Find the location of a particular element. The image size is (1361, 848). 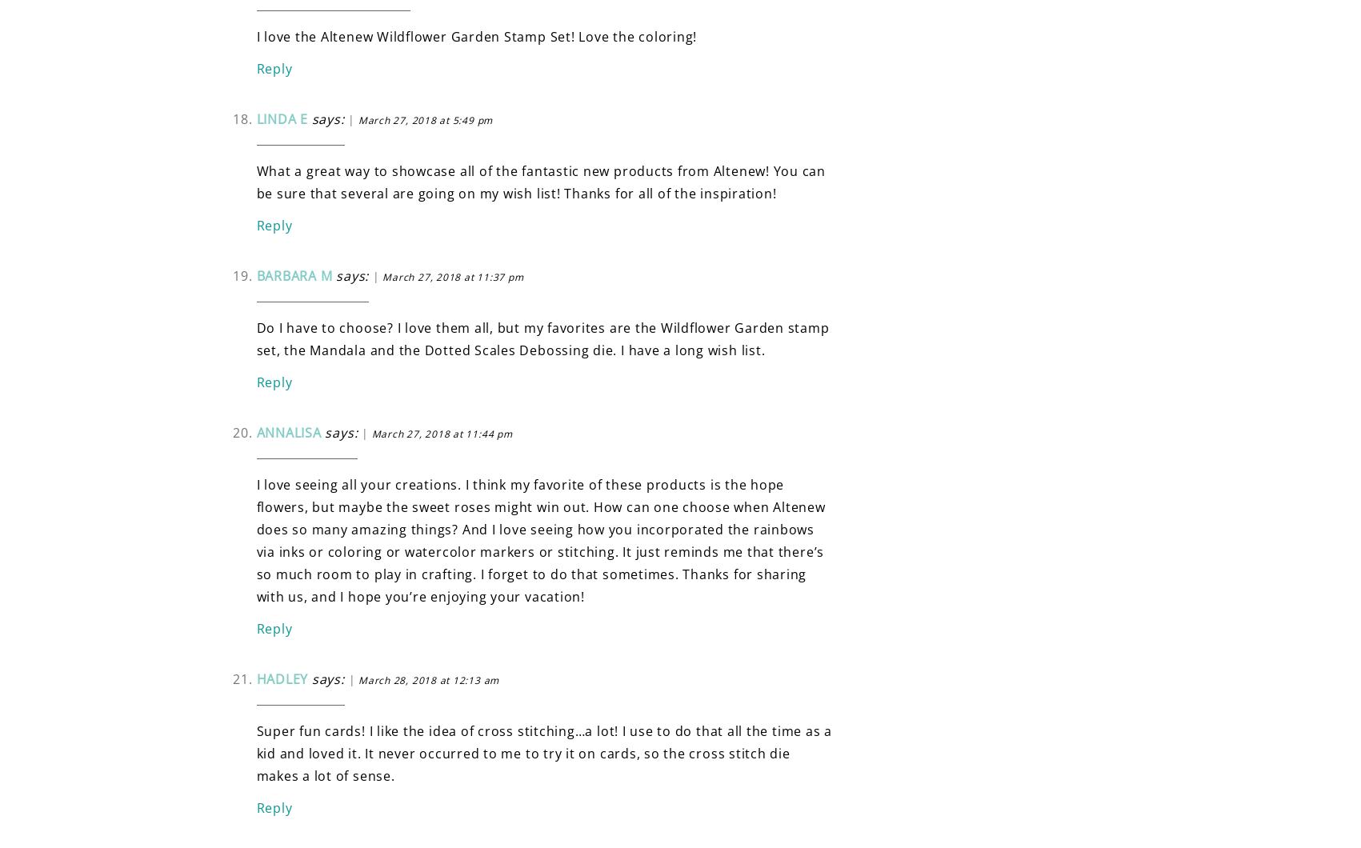

'I love the  Altenew Wildflower Garden Stamp Set! Love the coloring!' is located at coordinates (476, 36).